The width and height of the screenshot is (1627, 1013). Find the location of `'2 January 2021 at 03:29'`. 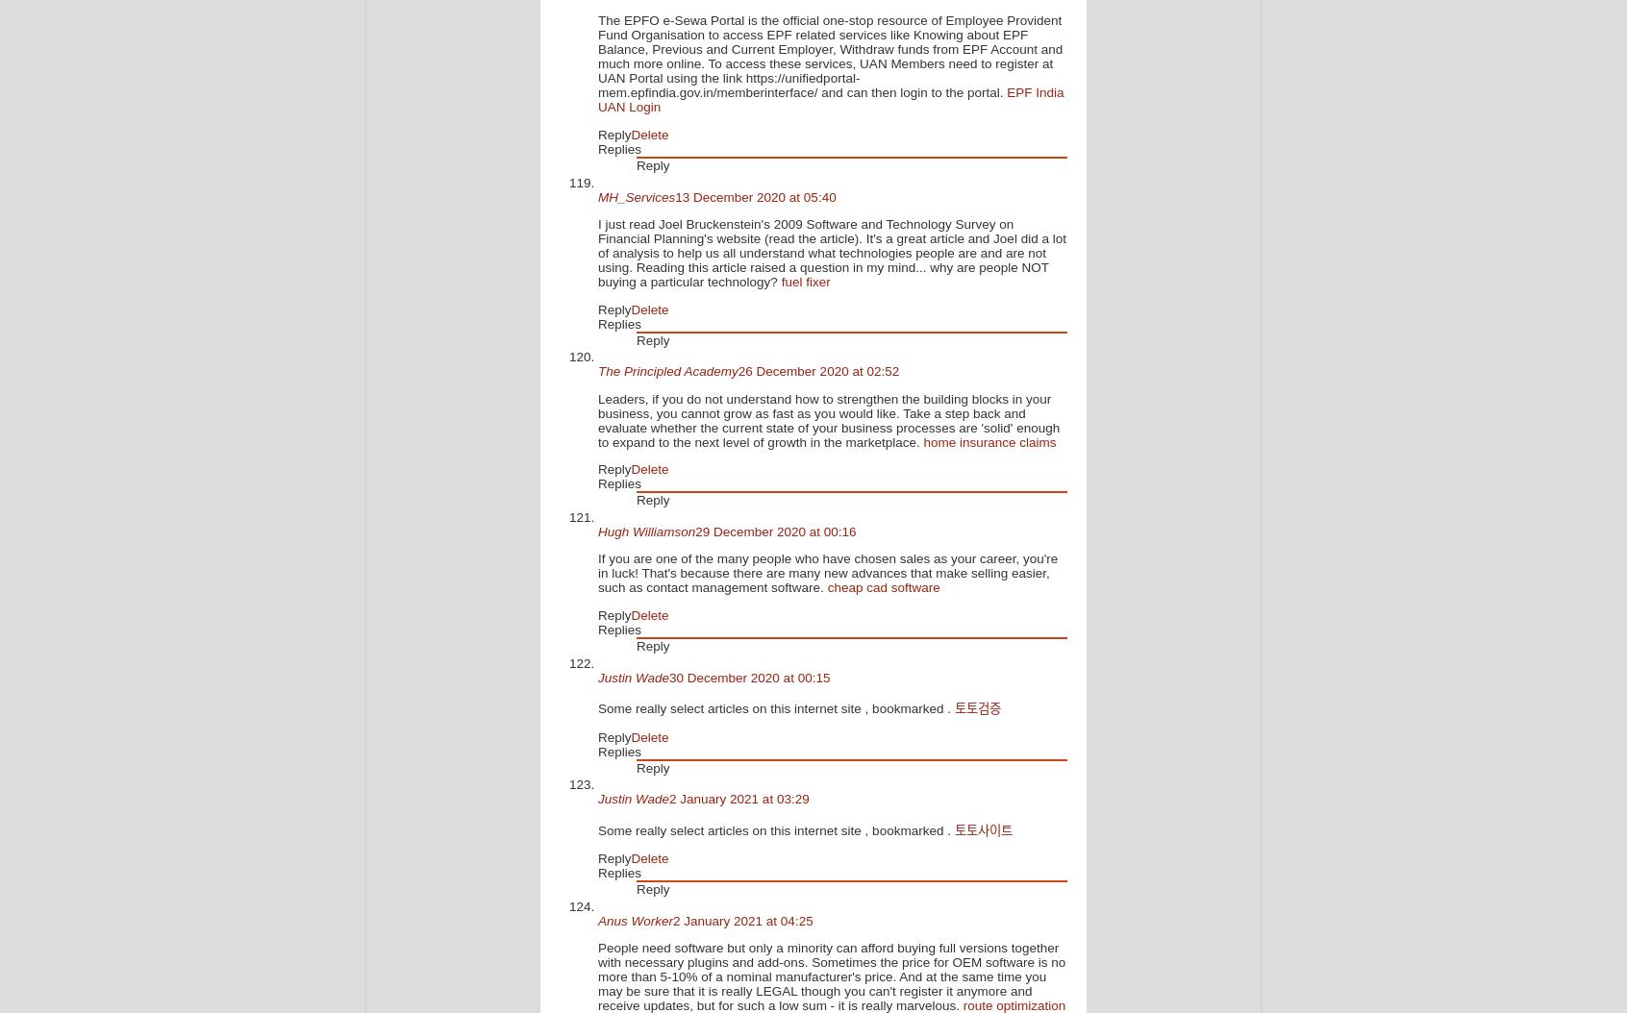

'2 January 2021 at 03:29' is located at coordinates (738, 798).